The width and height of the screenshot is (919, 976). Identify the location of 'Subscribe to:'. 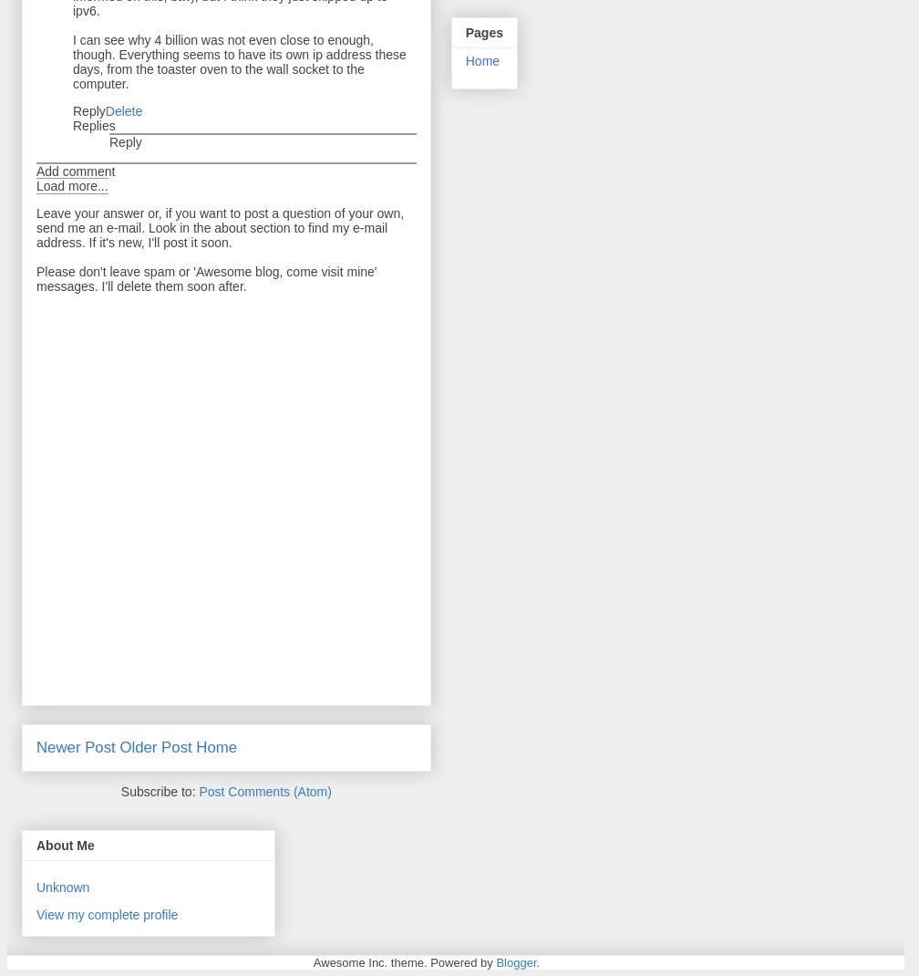
(120, 791).